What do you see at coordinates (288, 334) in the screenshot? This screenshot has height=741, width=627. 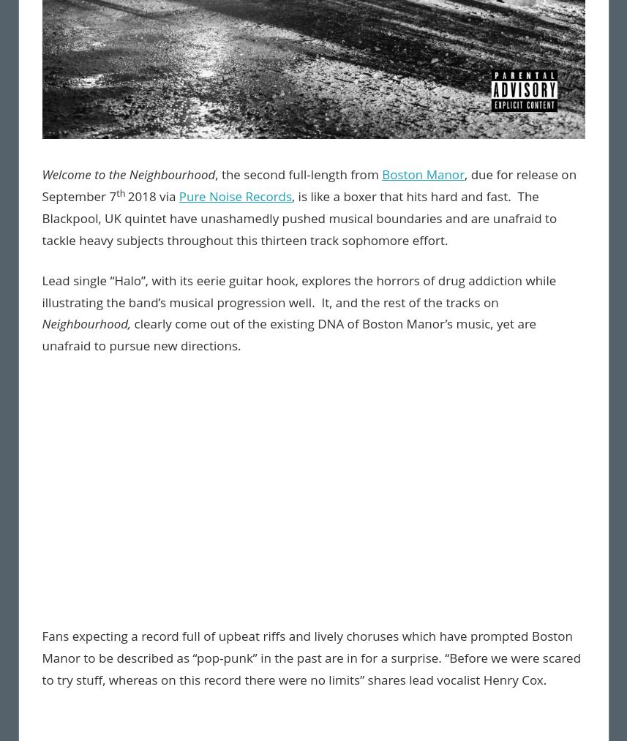 I see `'clearly come out of the existing DNA of Boston Manor’s music, yet are unafraid to pursue new directions.'` at bounding box center [288, 334].